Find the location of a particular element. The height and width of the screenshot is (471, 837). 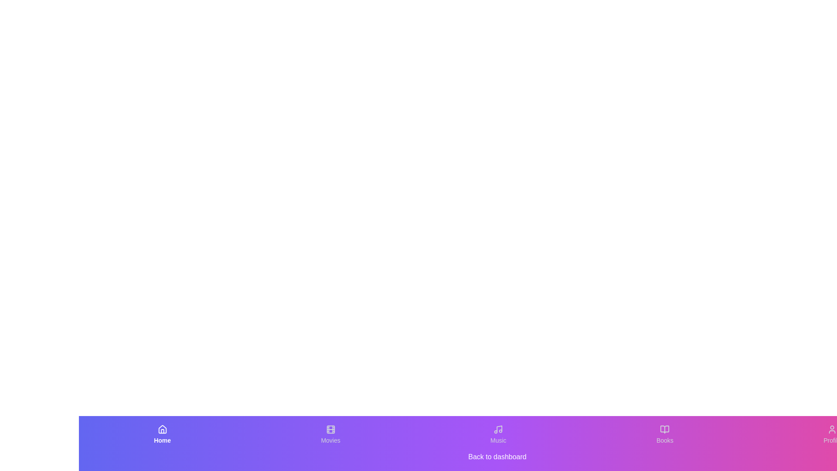

the Music tab from the navigation bar is located at coordinates (498, 434).